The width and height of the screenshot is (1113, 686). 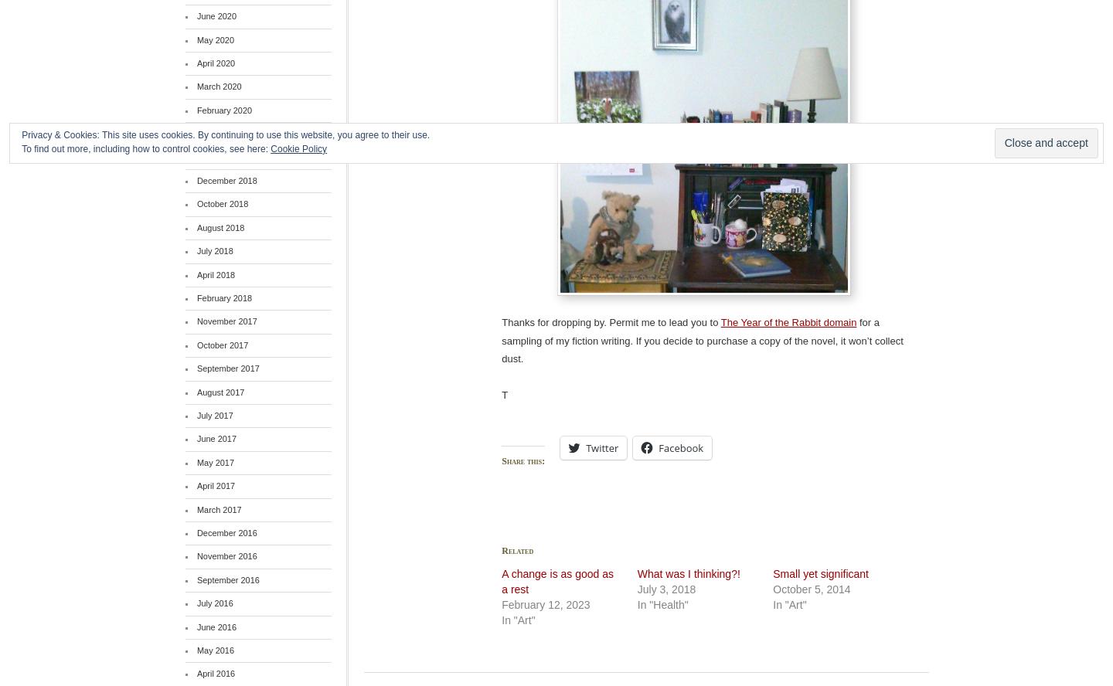 I want to click on 'October 2017', so click(x=221, y=345).